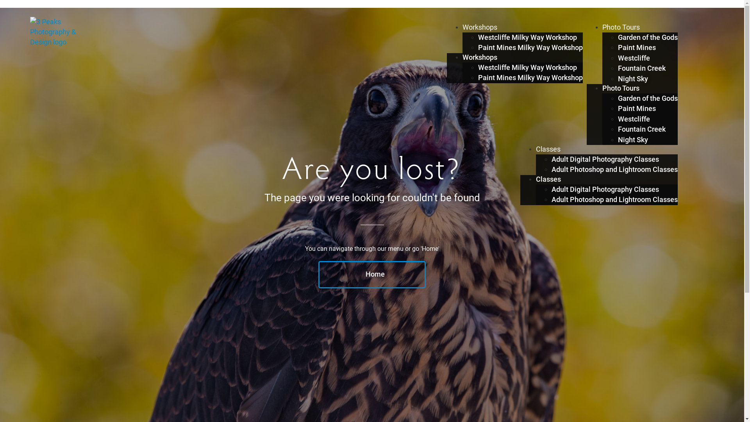 Image resolution: width=750 pixels, height=422 pixels. I want to click on 'Adult Photoshop and Lightroom Classes', so click(614, 199).